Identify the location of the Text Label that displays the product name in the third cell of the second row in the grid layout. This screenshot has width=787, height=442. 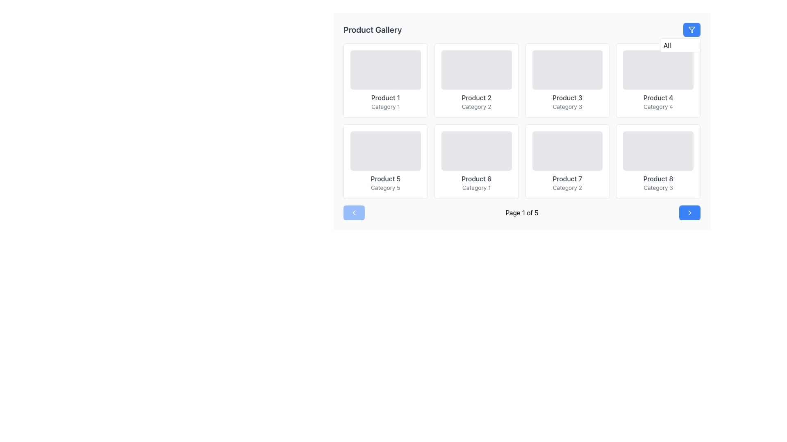
(385, 178).